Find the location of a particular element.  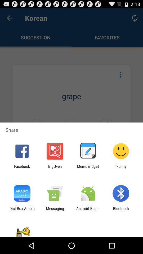

the dict box arabic is located at coordinates (22, 211).